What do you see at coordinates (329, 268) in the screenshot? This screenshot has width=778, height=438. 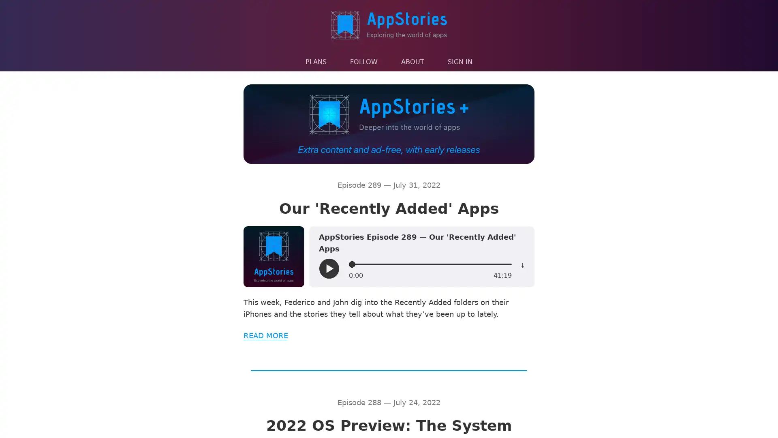 I see `Play` at bounding box center [329, 268].